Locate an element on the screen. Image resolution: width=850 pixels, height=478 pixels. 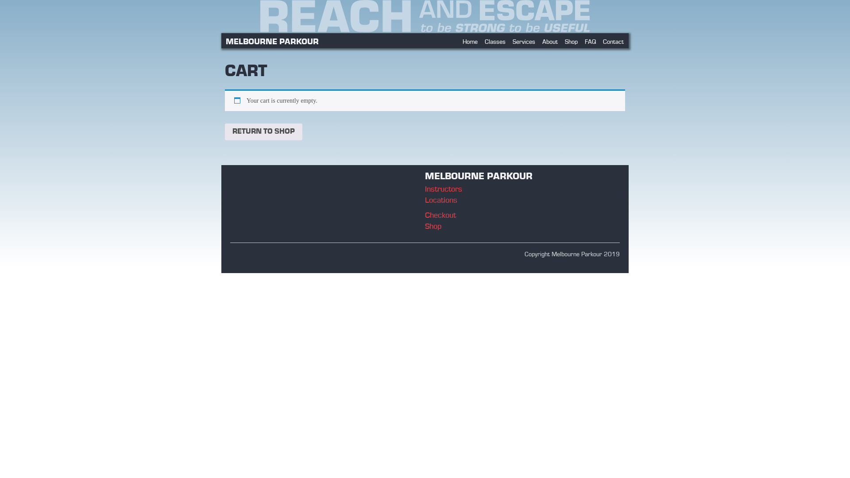
'Contact' is located at coordinates (613, 42).